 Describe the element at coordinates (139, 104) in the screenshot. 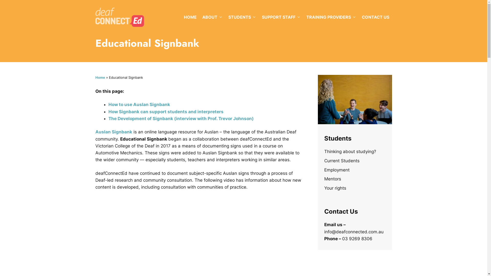

I see `'How to use Auslan Signbank'` at that location.